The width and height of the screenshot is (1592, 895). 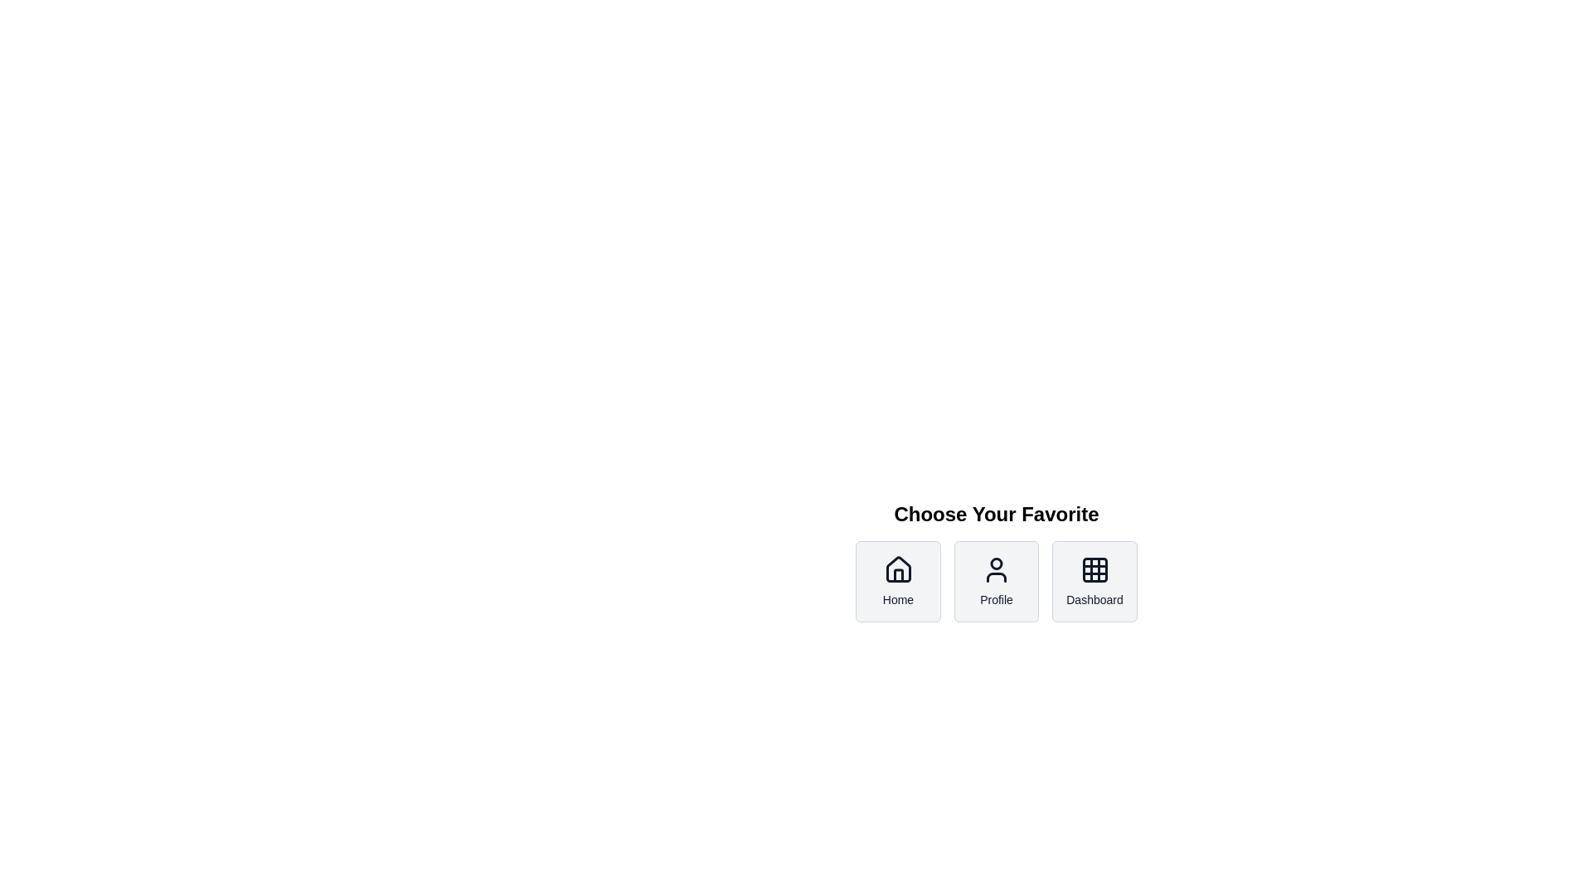 What do you see at coordinates (897, 568) in the screenshot?
I see `the 'Home' icon, which resembles a house with a triangular roof and is located in the bottom center of the interface` at bounding box center [897, 568].